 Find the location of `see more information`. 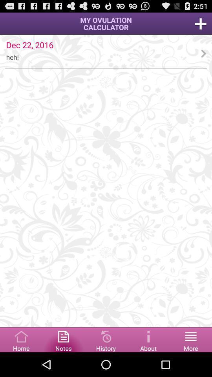

see more information is located at coordinates (148, 339).